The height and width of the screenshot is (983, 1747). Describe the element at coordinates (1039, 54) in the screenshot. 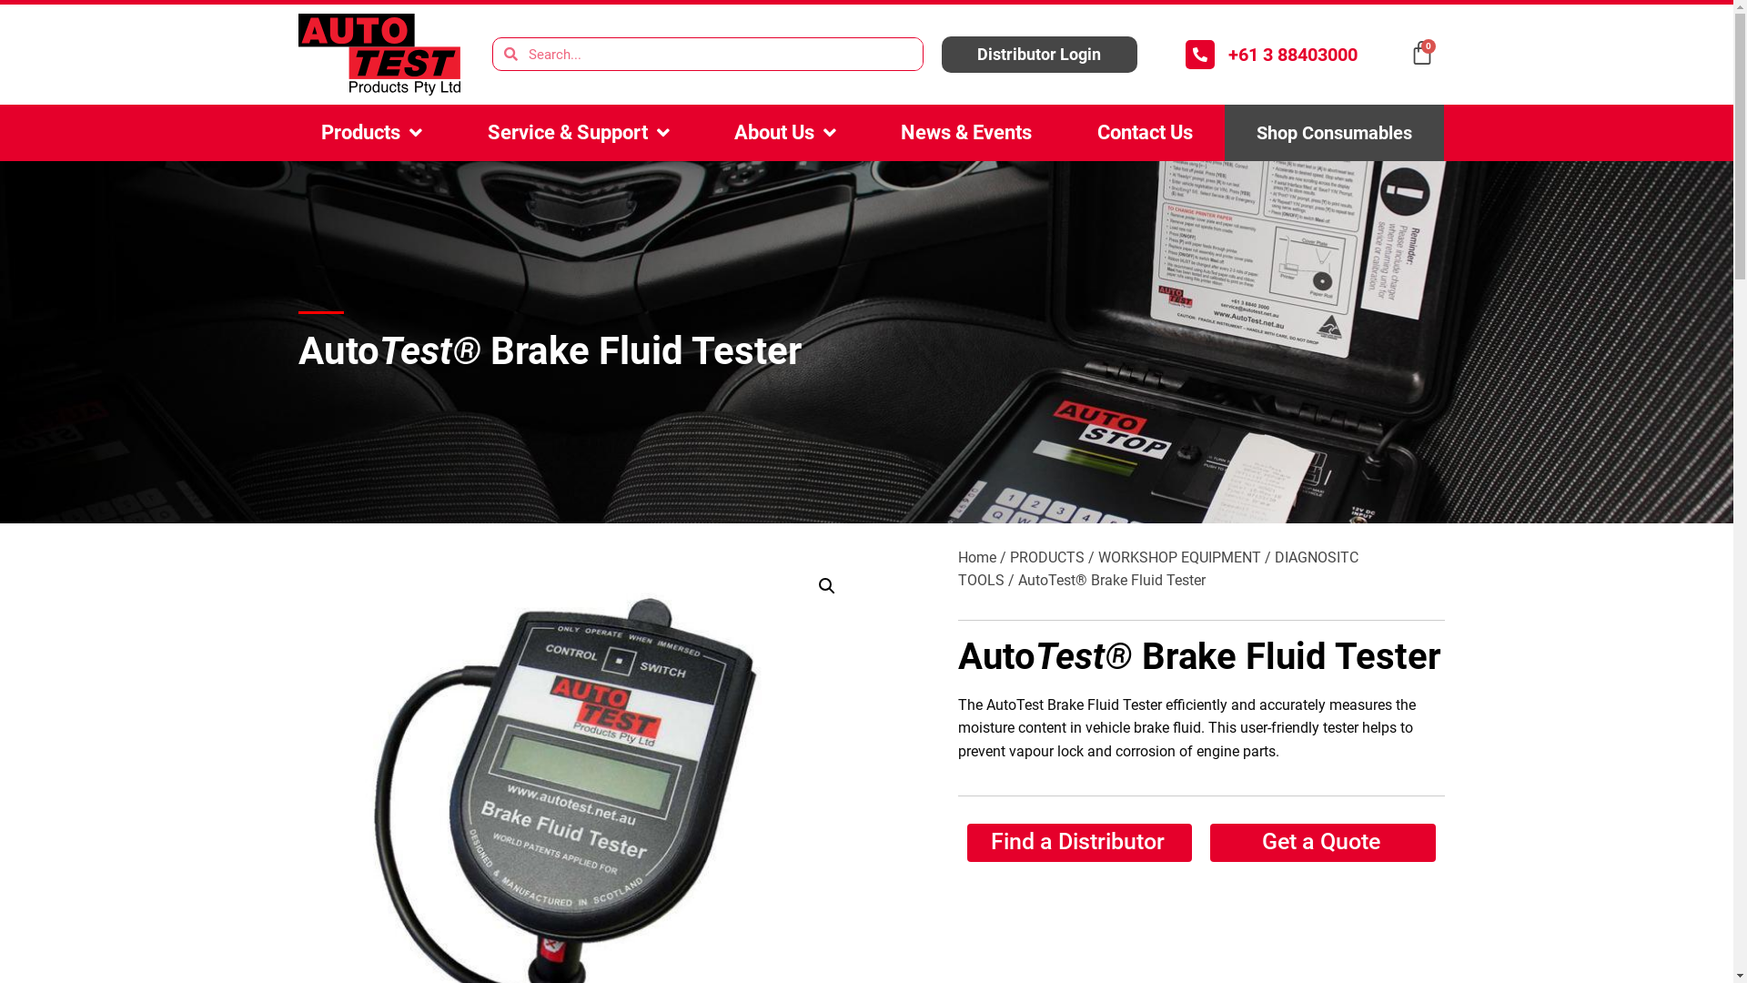

I see `'Distributor Login'` at that location.